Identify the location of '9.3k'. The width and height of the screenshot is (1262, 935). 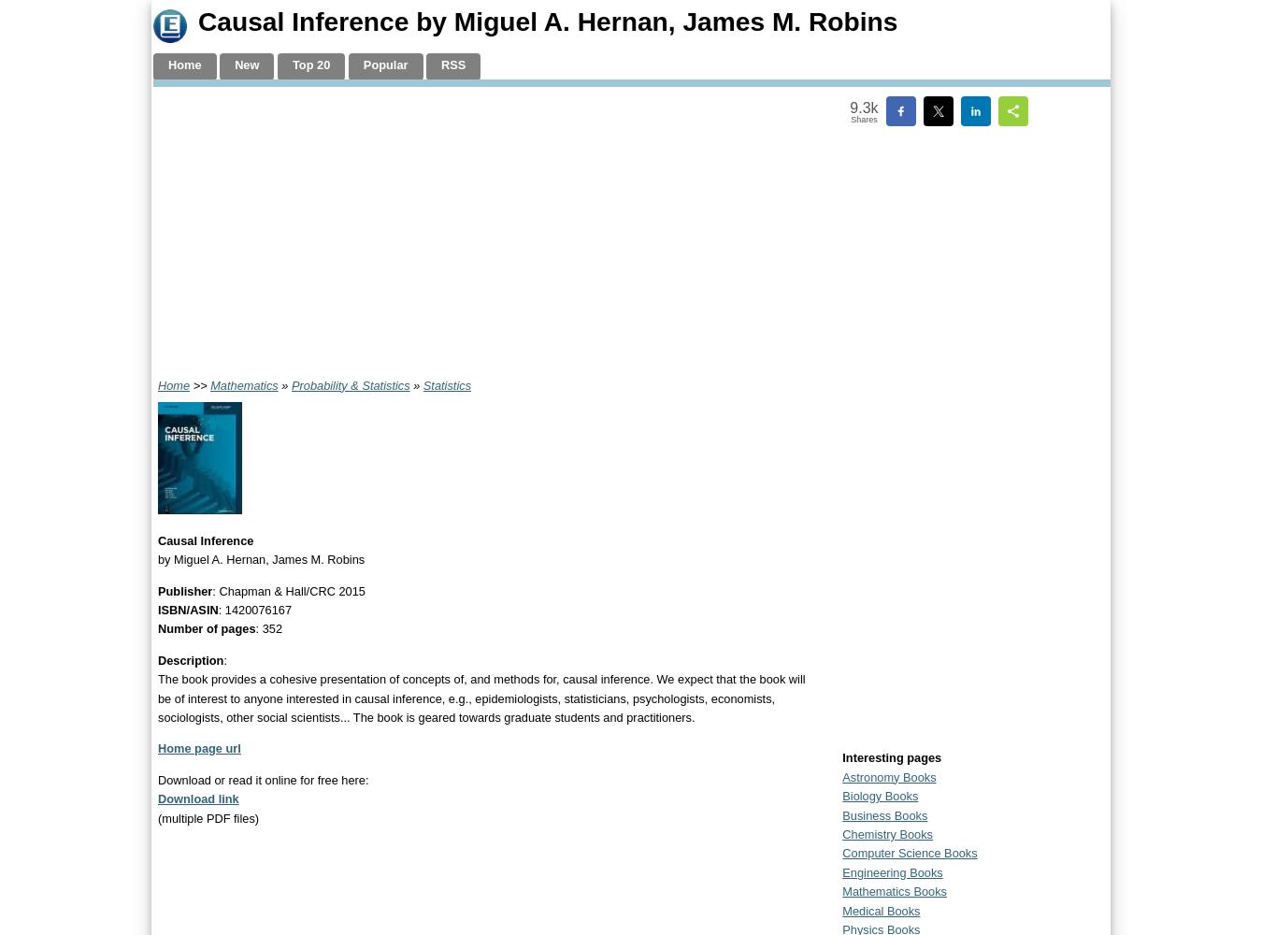
(862, 107).